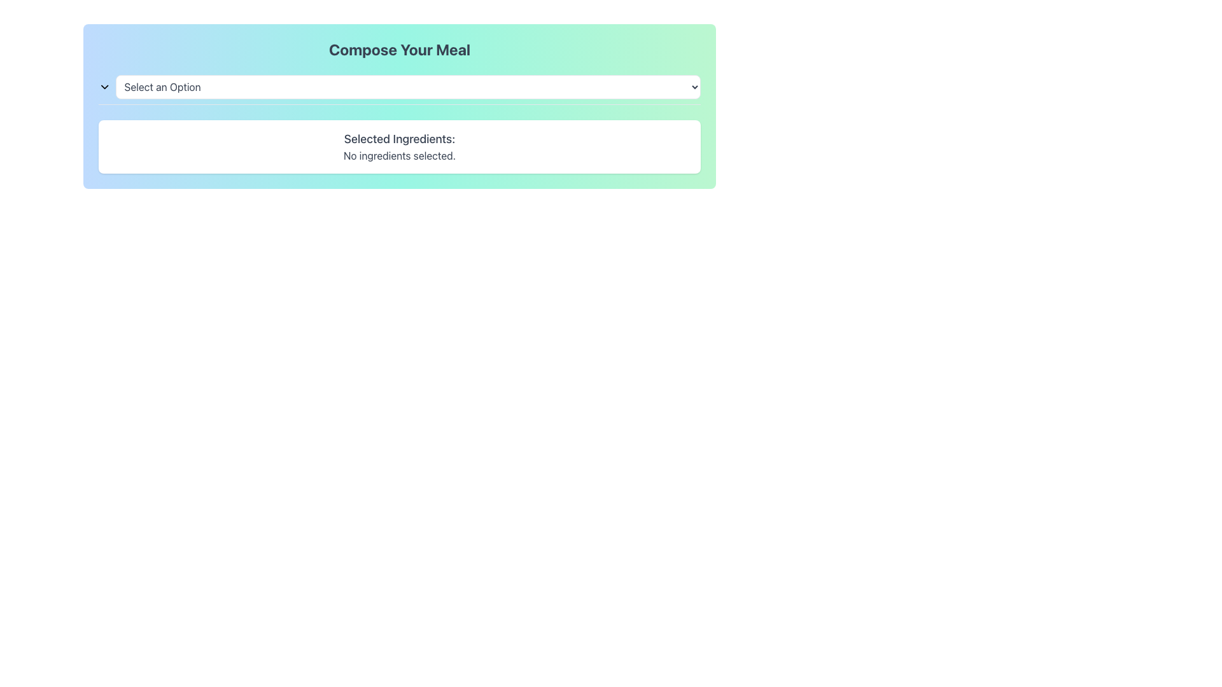  Describe the element at coordinates (399, 155) in the screenshot. I see `the text label that says 'No ingredients selected.' which is located in a white box with rounded corners, centered in the interface` at that location.